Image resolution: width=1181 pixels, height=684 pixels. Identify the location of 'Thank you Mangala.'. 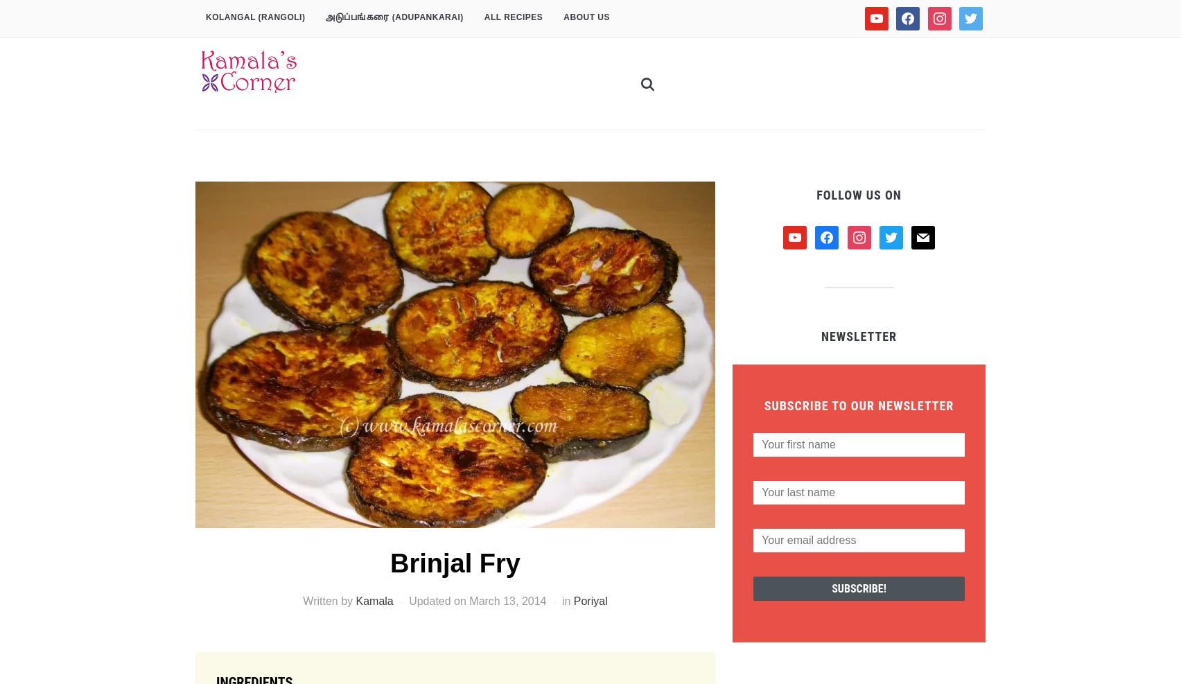
(360, 624).